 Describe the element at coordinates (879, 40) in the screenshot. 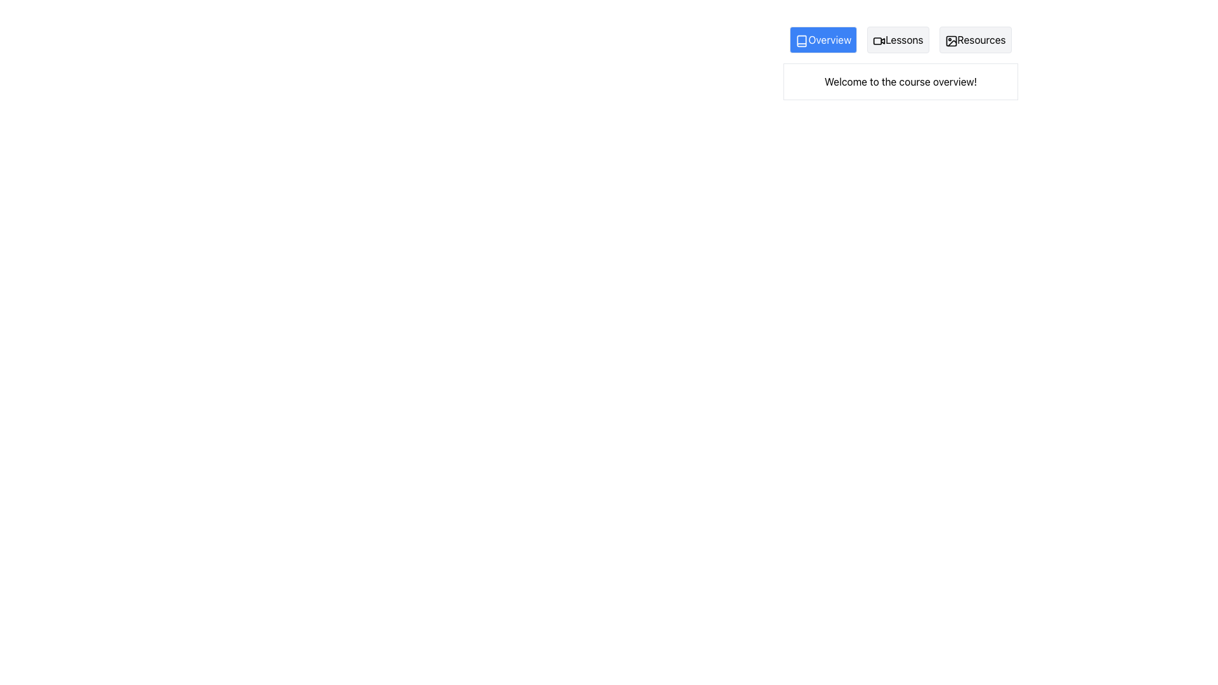

I see `the 'Lessons' icon, which visually signifies the 'Lessons' section of the interface, located centrally and adjacent to 'Overview' and 'Resources'` at that location.